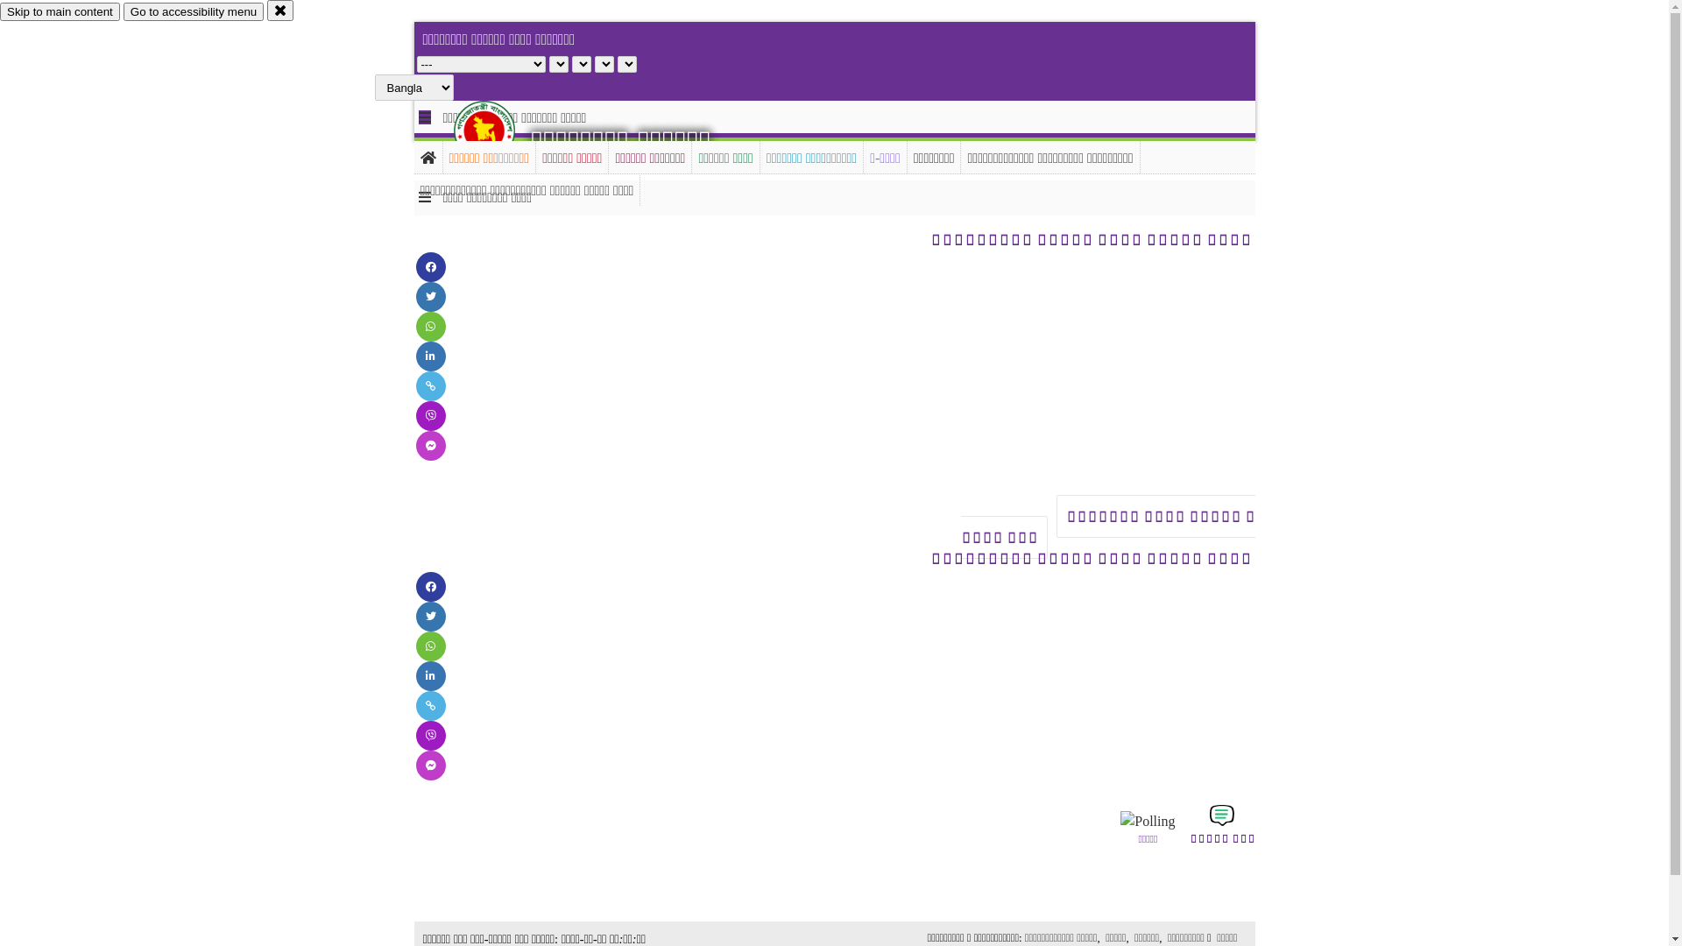 Image resolution: width=1682 pixels, height=946 pixels. Describe the element at coordinates (60, 11) in the screenshot. I see `'Skip to main content'` at that location.